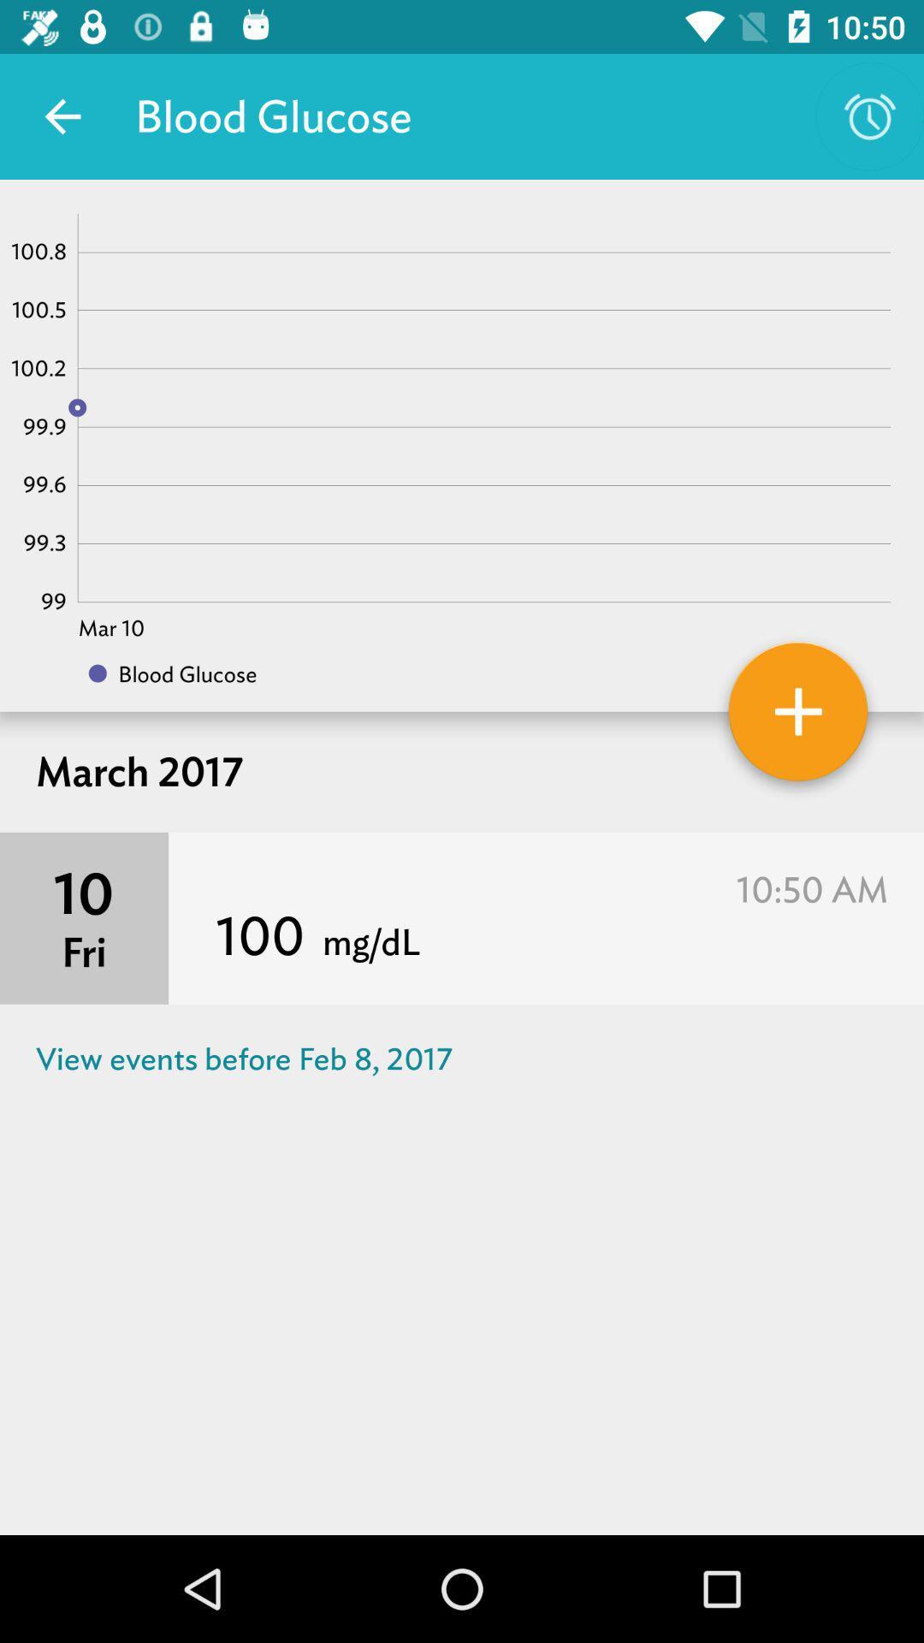  What do you see at coordinates (870, 116) in the screenshot?
I see `the icon at the top right corner` at bounding box center [870, 116].